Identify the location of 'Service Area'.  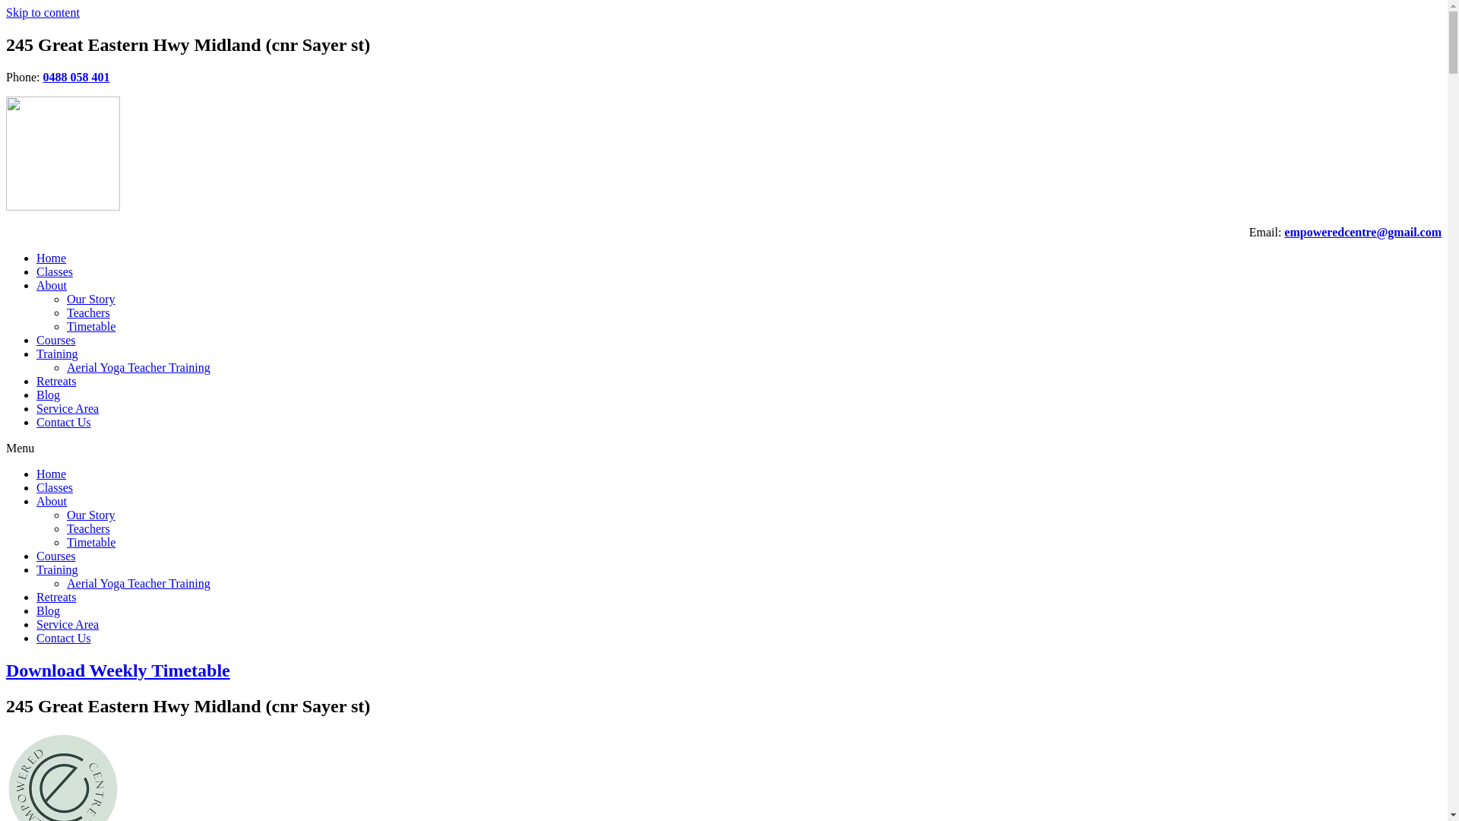
(36, 624).